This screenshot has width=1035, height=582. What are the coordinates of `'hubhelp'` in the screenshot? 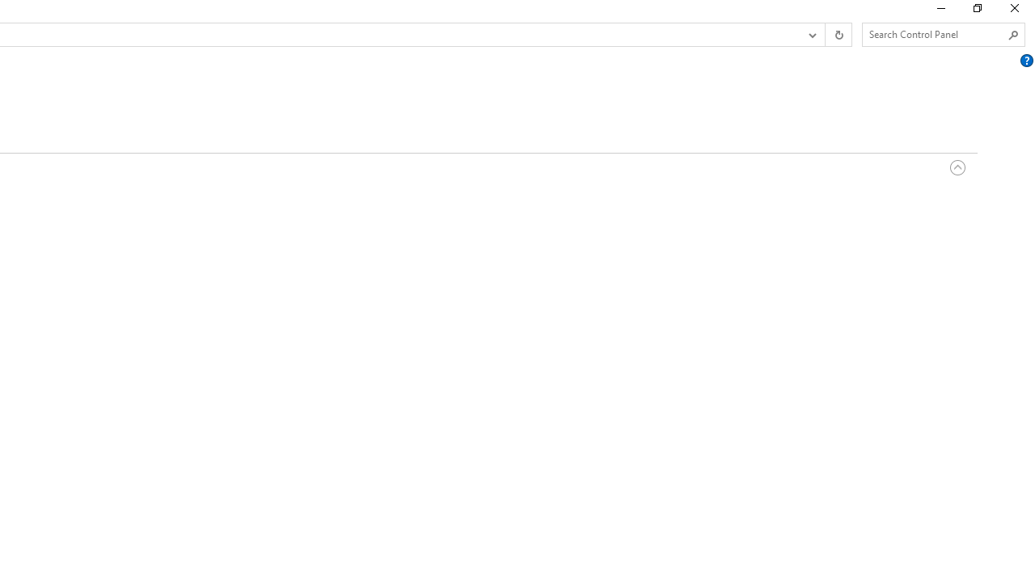 It's located at (1025, 60).